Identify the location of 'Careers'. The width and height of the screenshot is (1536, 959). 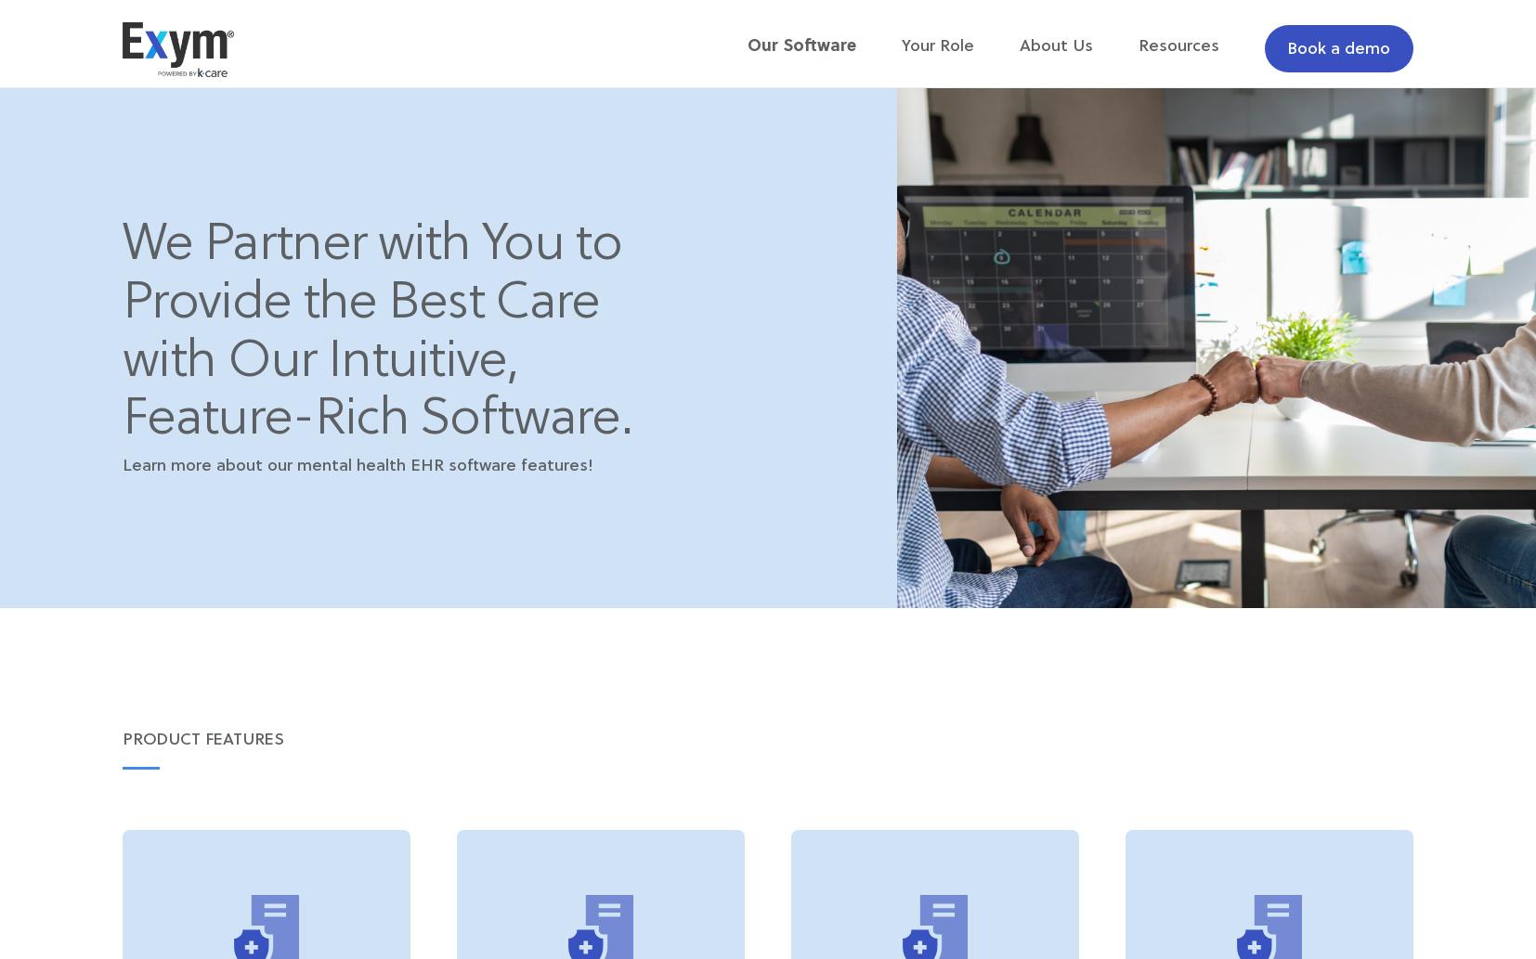
(1249, 116).